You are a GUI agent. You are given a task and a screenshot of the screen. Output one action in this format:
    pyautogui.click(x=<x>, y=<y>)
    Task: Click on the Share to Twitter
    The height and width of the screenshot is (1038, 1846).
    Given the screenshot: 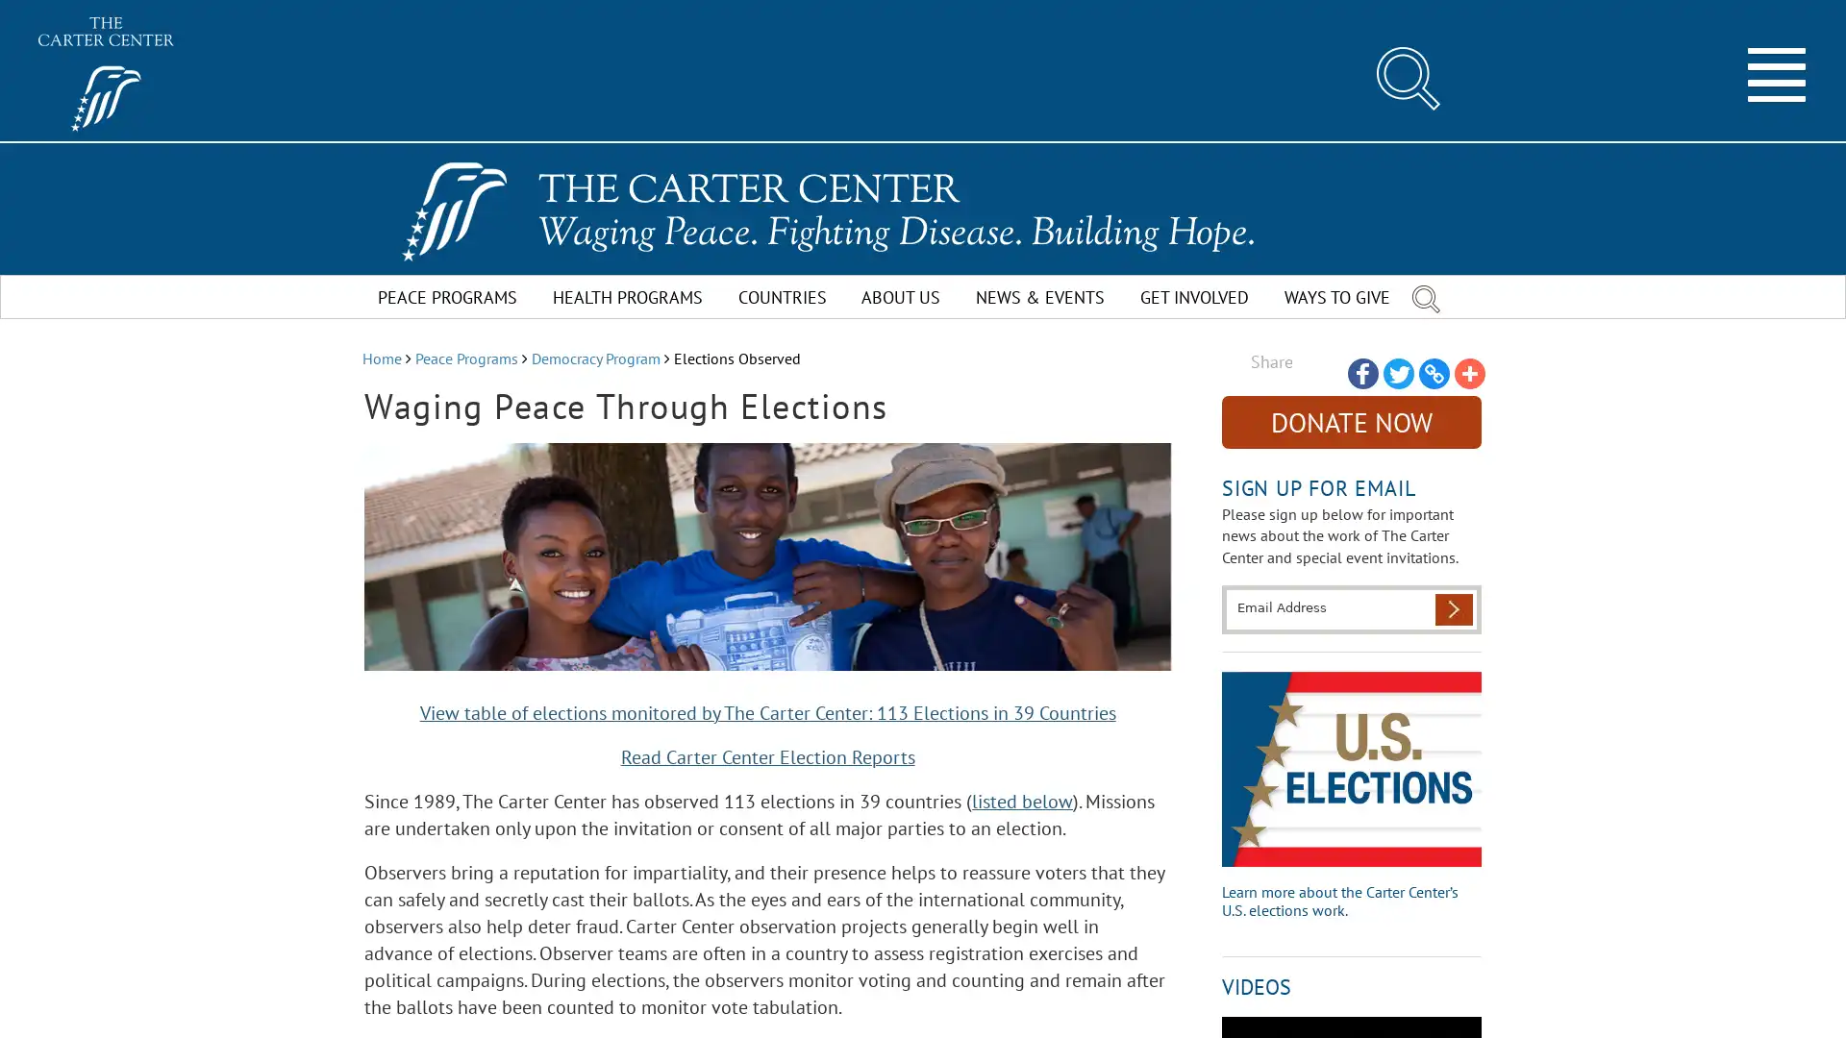 What is the action you would take?
    pyautogui.click(x=1398, y=229)
    